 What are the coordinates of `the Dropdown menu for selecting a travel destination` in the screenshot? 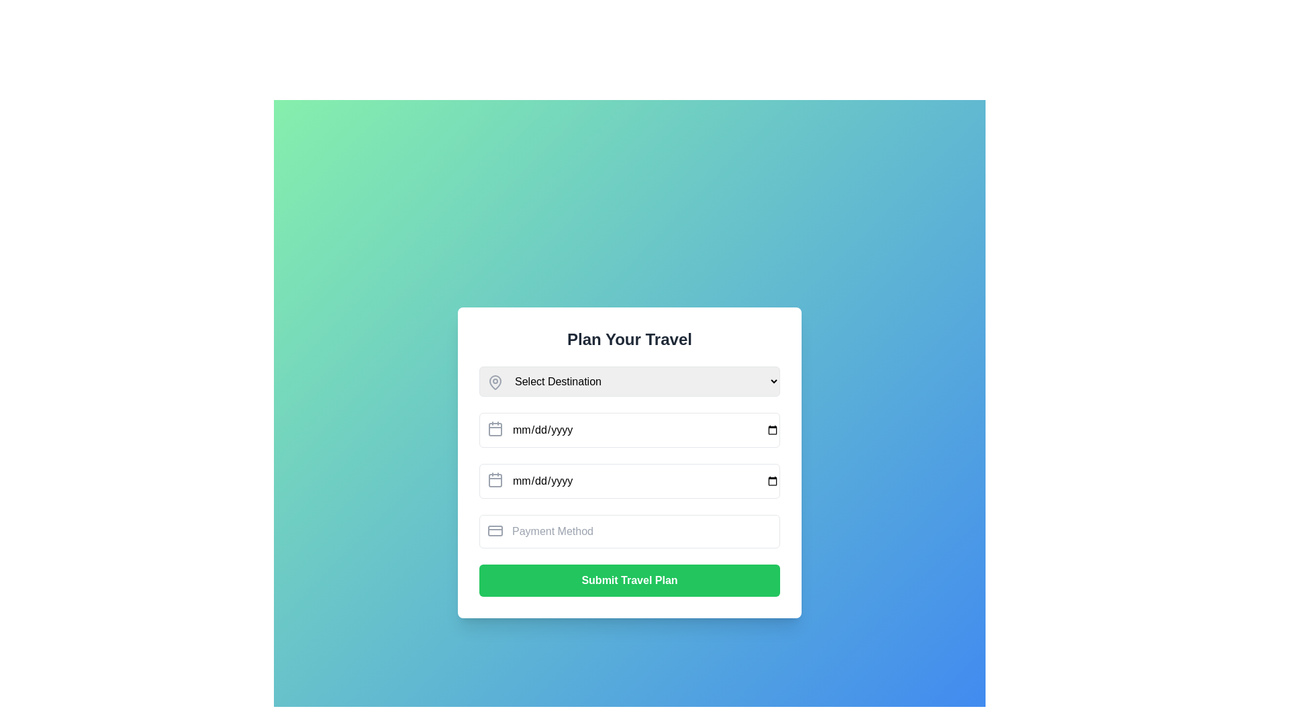 It's located at (628, 381).